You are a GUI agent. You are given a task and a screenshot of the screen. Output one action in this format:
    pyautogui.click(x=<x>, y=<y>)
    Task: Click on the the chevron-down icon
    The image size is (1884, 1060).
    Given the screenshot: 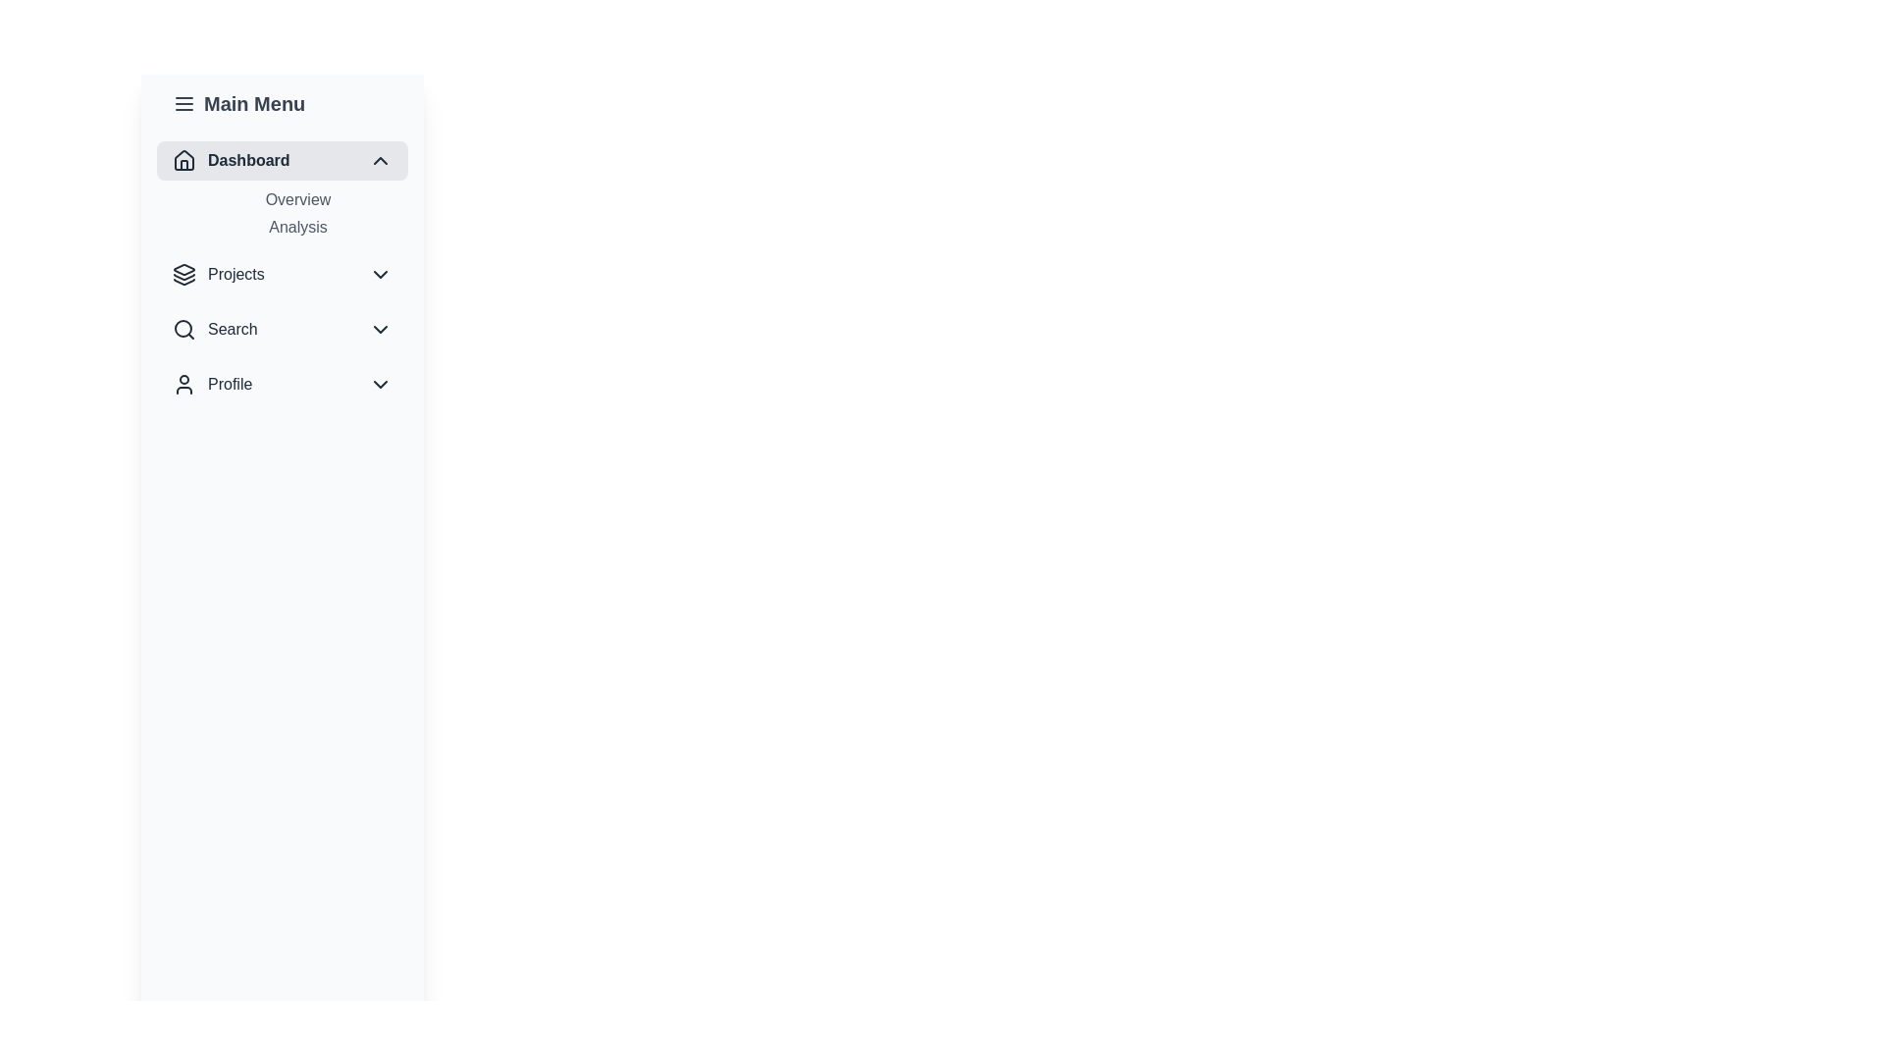 What is the action you would take?
    pyautogui.click(x=381, y=385)
    